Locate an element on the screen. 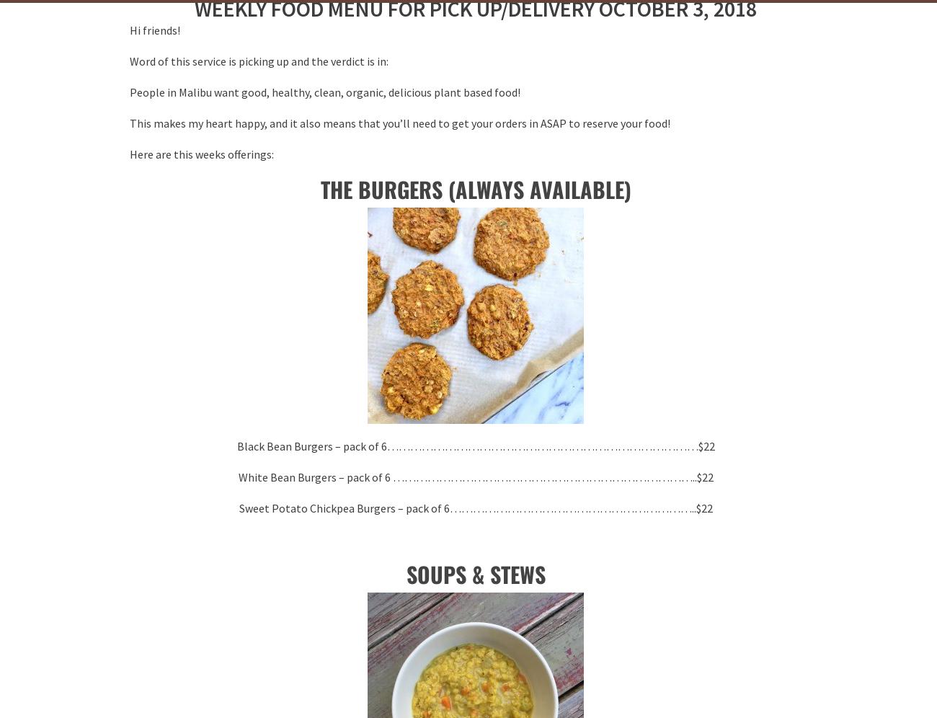 The image size is (937, 718). 'Here are this weeks offerings:' is located at coordinates (202, 154).